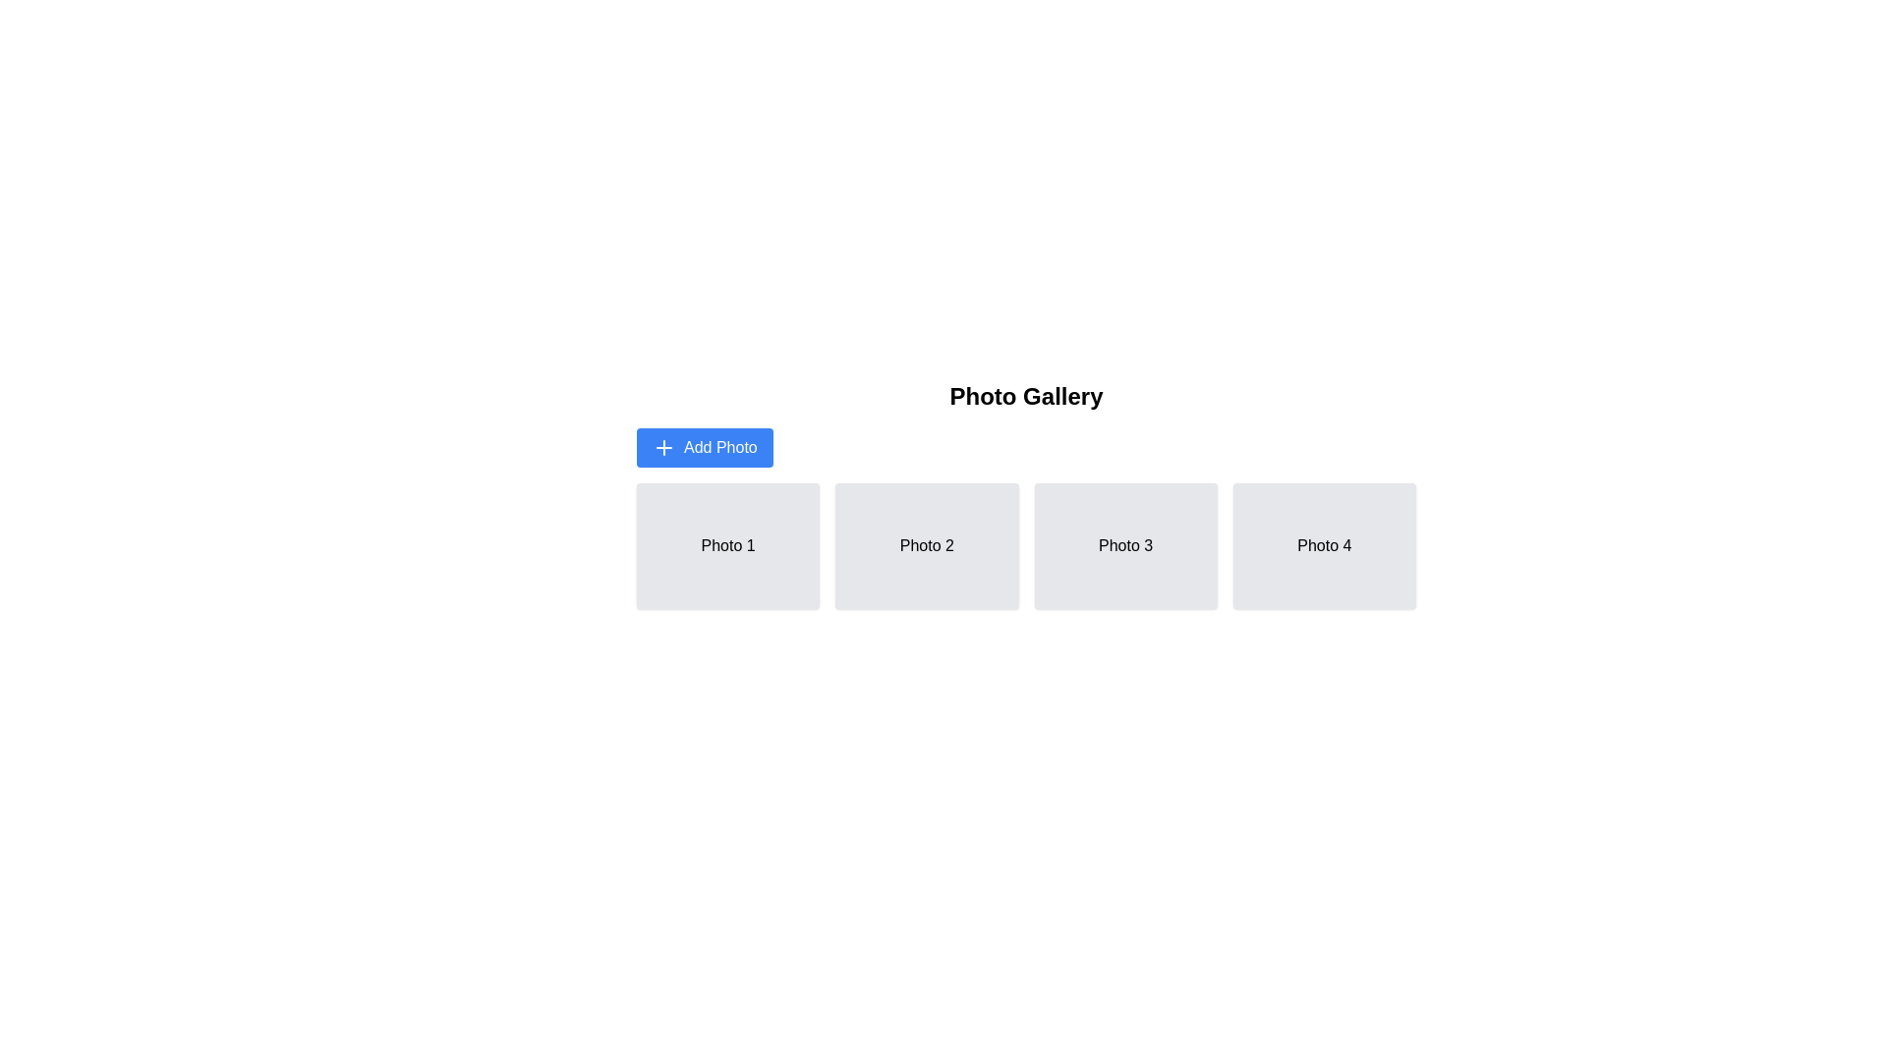 The image size is (1887, 1061). What do you see at coordinates (926, 545) in the screenshot?
I see `the informational tile representing 'Photo 2' in the photo gallery grid layout` at bounding box center [926, 545].